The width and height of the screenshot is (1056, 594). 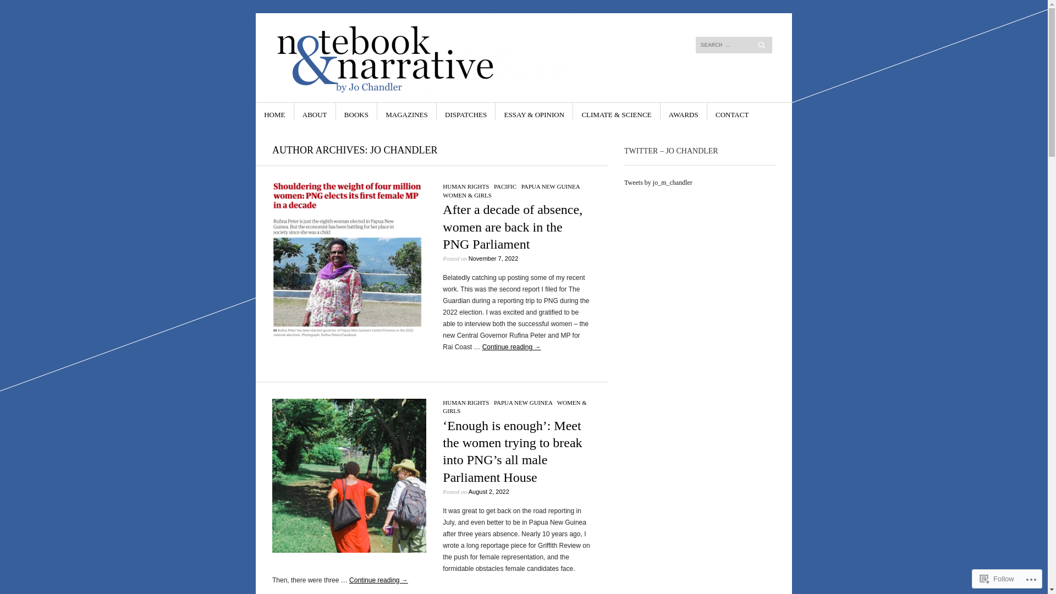 What do you see at coordinates (468, 258) in the screenshot?
I see `'November 7, 2022'` at bounding box center [468, 258].